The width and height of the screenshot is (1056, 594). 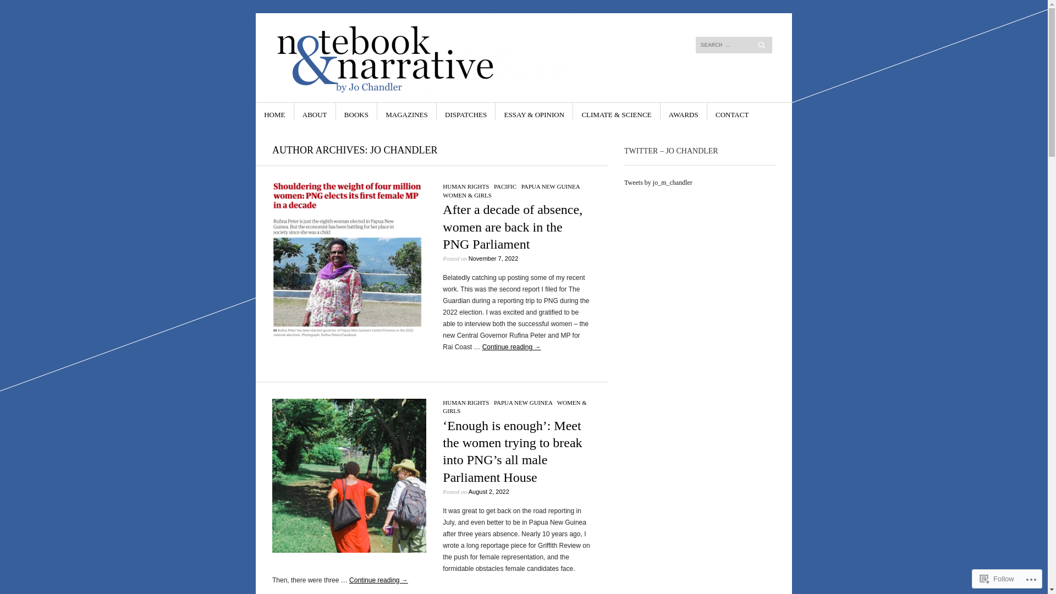 What do you see at coordinates (468, 258) in the screenshot?
I see `'November 7, 2022'` at bounding box center [468, 258].